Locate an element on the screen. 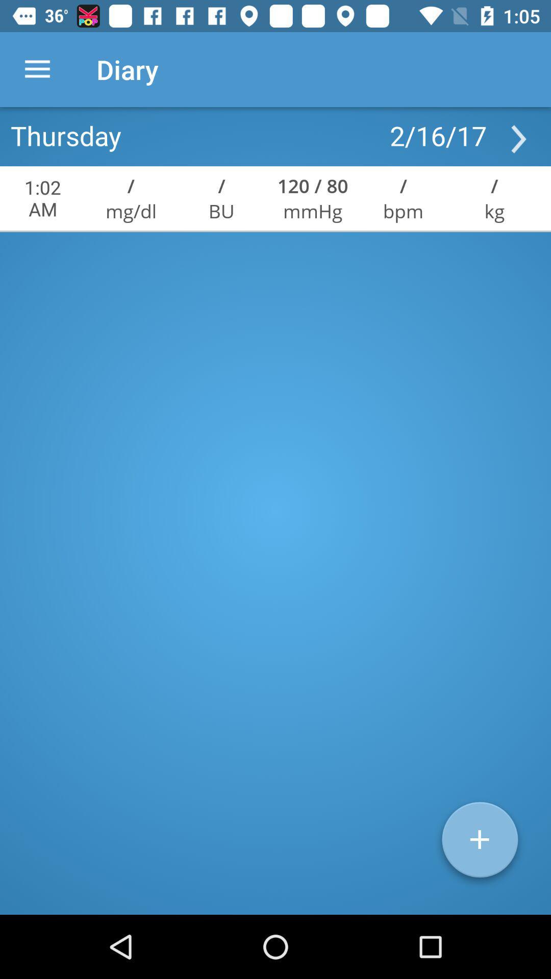  the mmhg icon is located at coordinates (312, 210).